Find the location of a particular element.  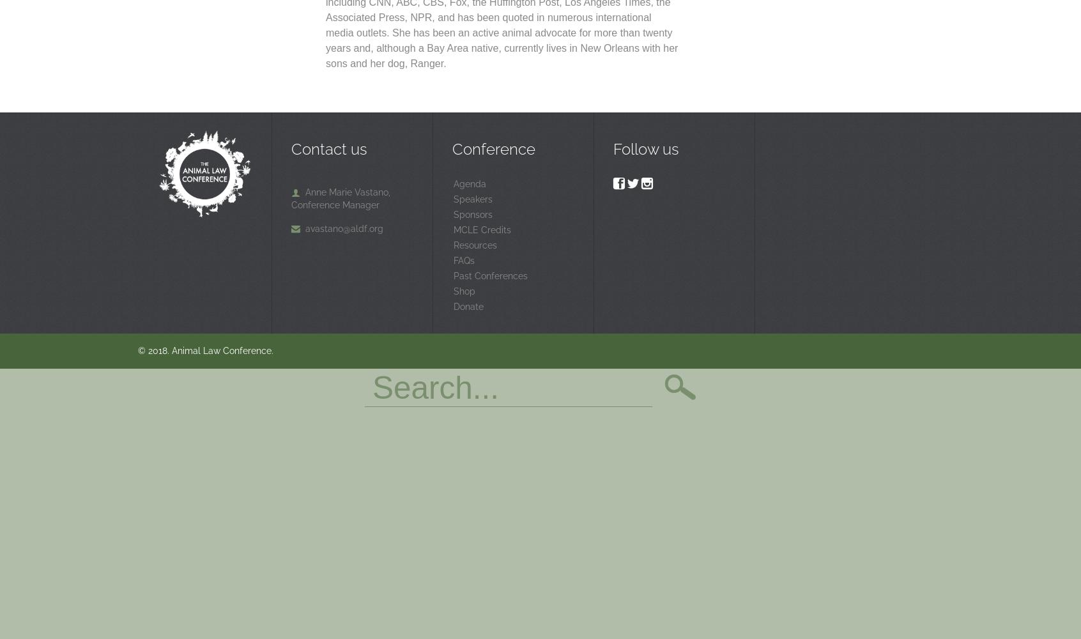

'avastano@aldf.org' is located at coordinates (344, 227).